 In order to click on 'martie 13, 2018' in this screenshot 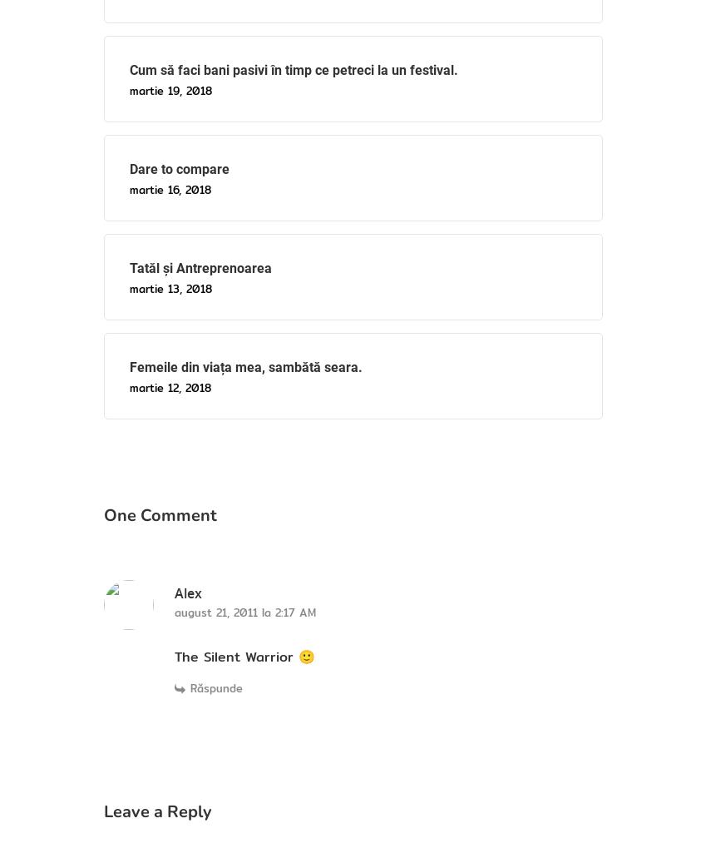, I will do `click(169, 287)`.